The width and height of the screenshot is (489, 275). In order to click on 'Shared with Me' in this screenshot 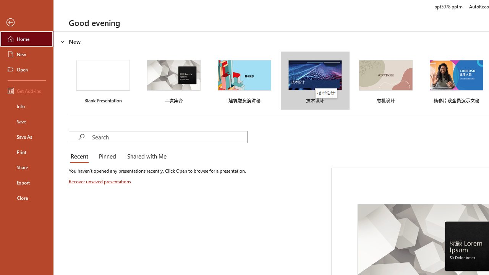, I will do `click(145, 157)`.